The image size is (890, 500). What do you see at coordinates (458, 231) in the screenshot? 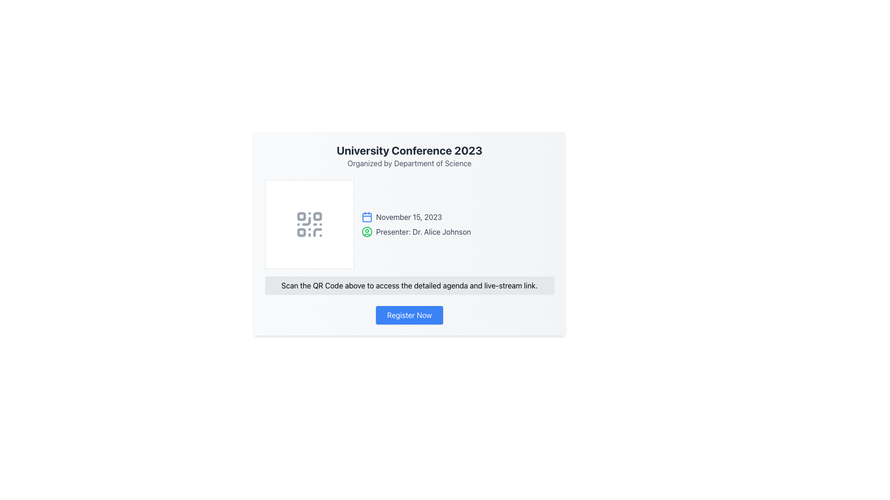
I see `the Text element displaying 'Presenter: Dr. Alice Johnson' with an adjacent green user icon, located beneath the heading 'University Conference 2023'` at bounding box center [458, 231].